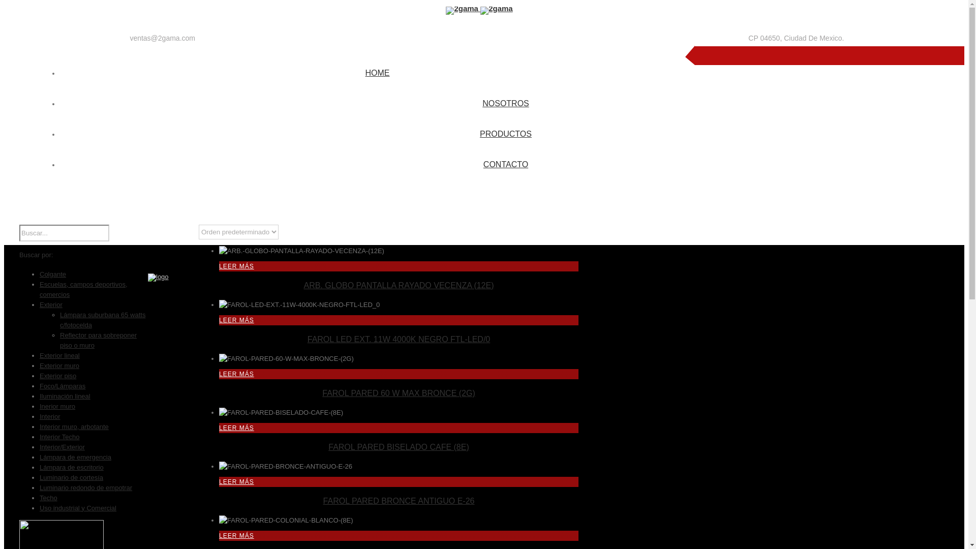 This screenshot has height=549, width=976. Describe the element at coordinates (85, 487) in the screenshot. I see `'Luminario redondo de empotrar'` at that location.